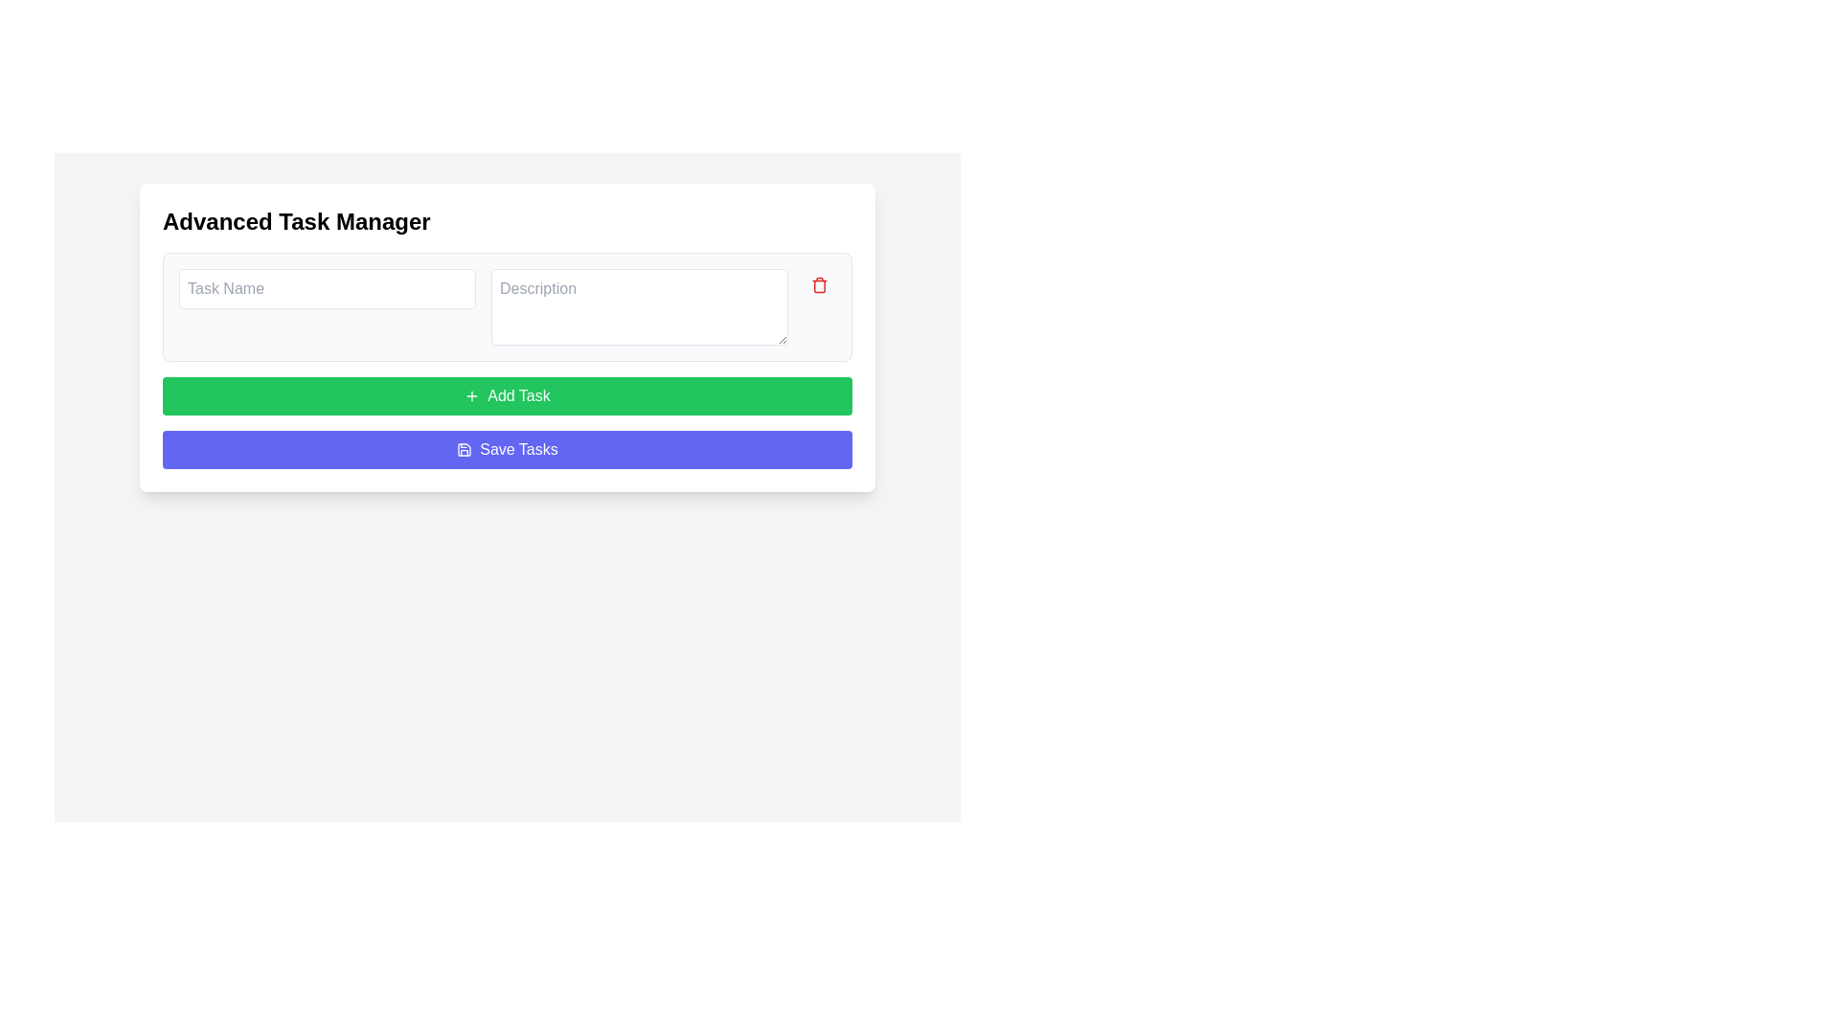 This screenshot has height=1034, width=1839. Describe the element at coordinates (507, 394) in the screenshot. I see `the button used for adding tasks, which is positioned below the 'Task Name' and 'Description' input fields and above the 'Save Tasks' button` at that location.